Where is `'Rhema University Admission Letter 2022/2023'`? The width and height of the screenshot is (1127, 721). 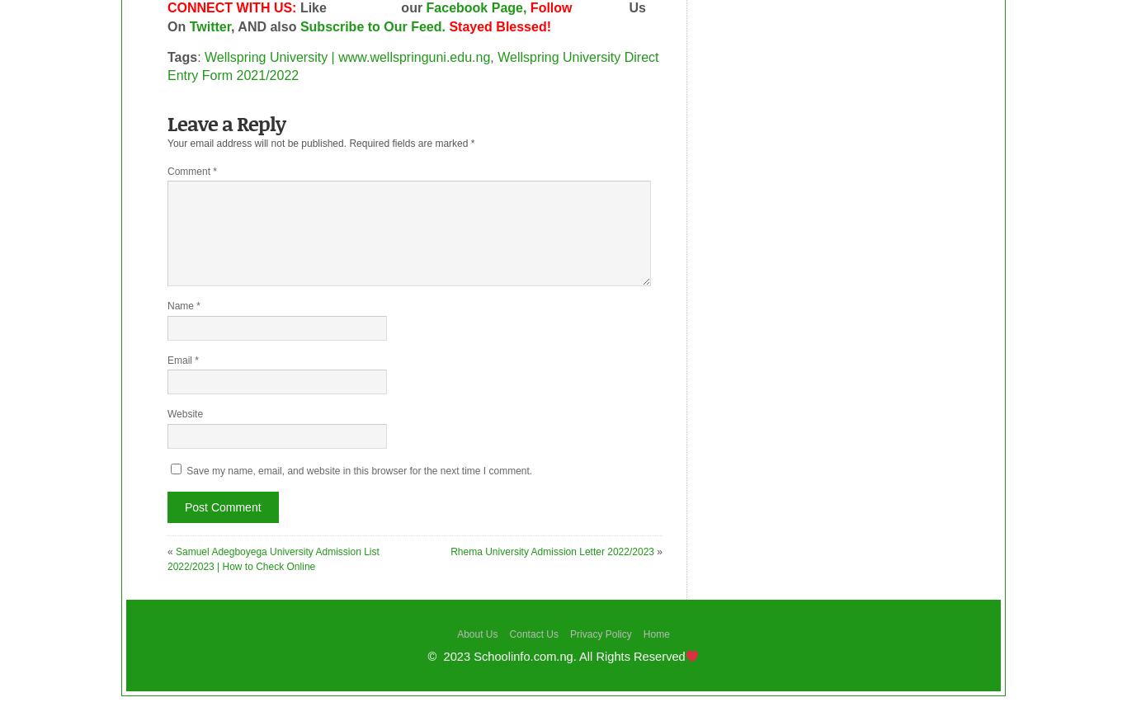
'Rhema University Admission Letter 2022/2023' is located at coordinates (551, 550).